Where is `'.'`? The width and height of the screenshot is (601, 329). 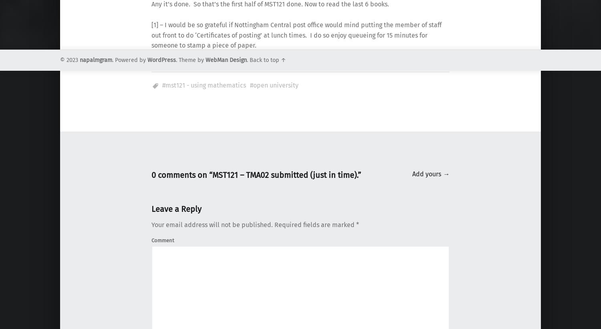 '.' is located at coordinates (248, 60).